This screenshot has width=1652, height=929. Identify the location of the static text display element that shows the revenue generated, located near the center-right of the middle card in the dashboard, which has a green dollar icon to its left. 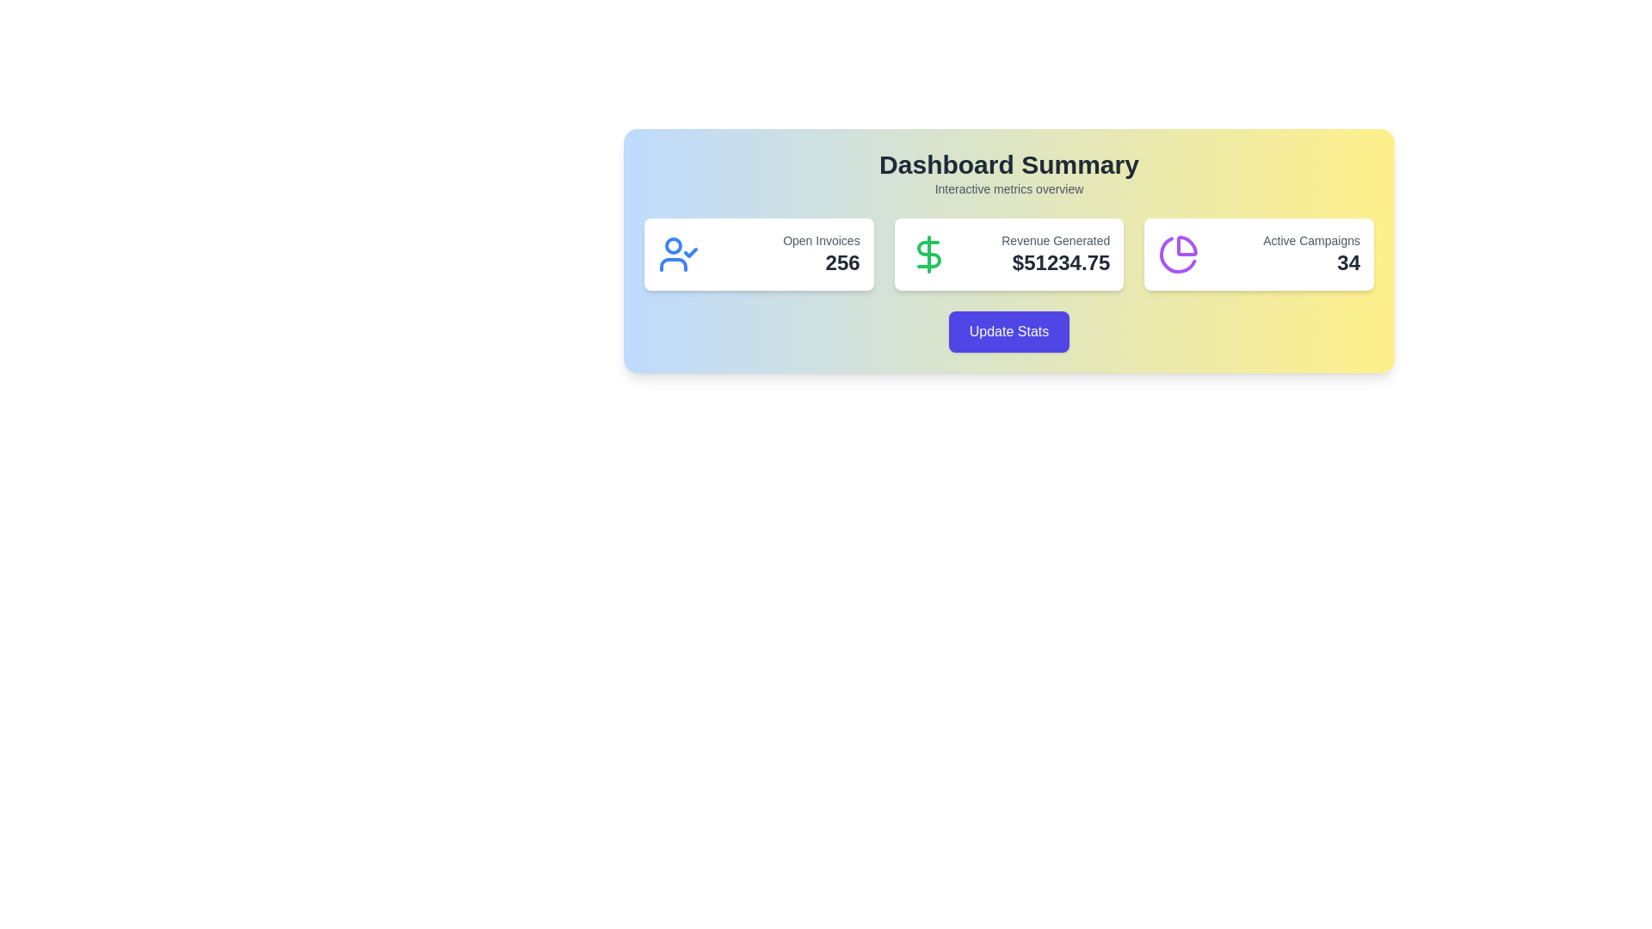
(1055, 255).